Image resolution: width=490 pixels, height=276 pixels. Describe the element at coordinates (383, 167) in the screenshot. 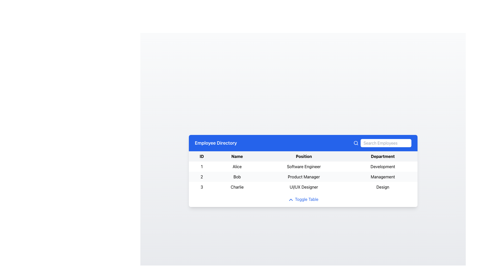

I see `text displayed in the Table Data Cell showing 'Development' under the 'Department' column for the row corresponding to 'Alice'` at that location.